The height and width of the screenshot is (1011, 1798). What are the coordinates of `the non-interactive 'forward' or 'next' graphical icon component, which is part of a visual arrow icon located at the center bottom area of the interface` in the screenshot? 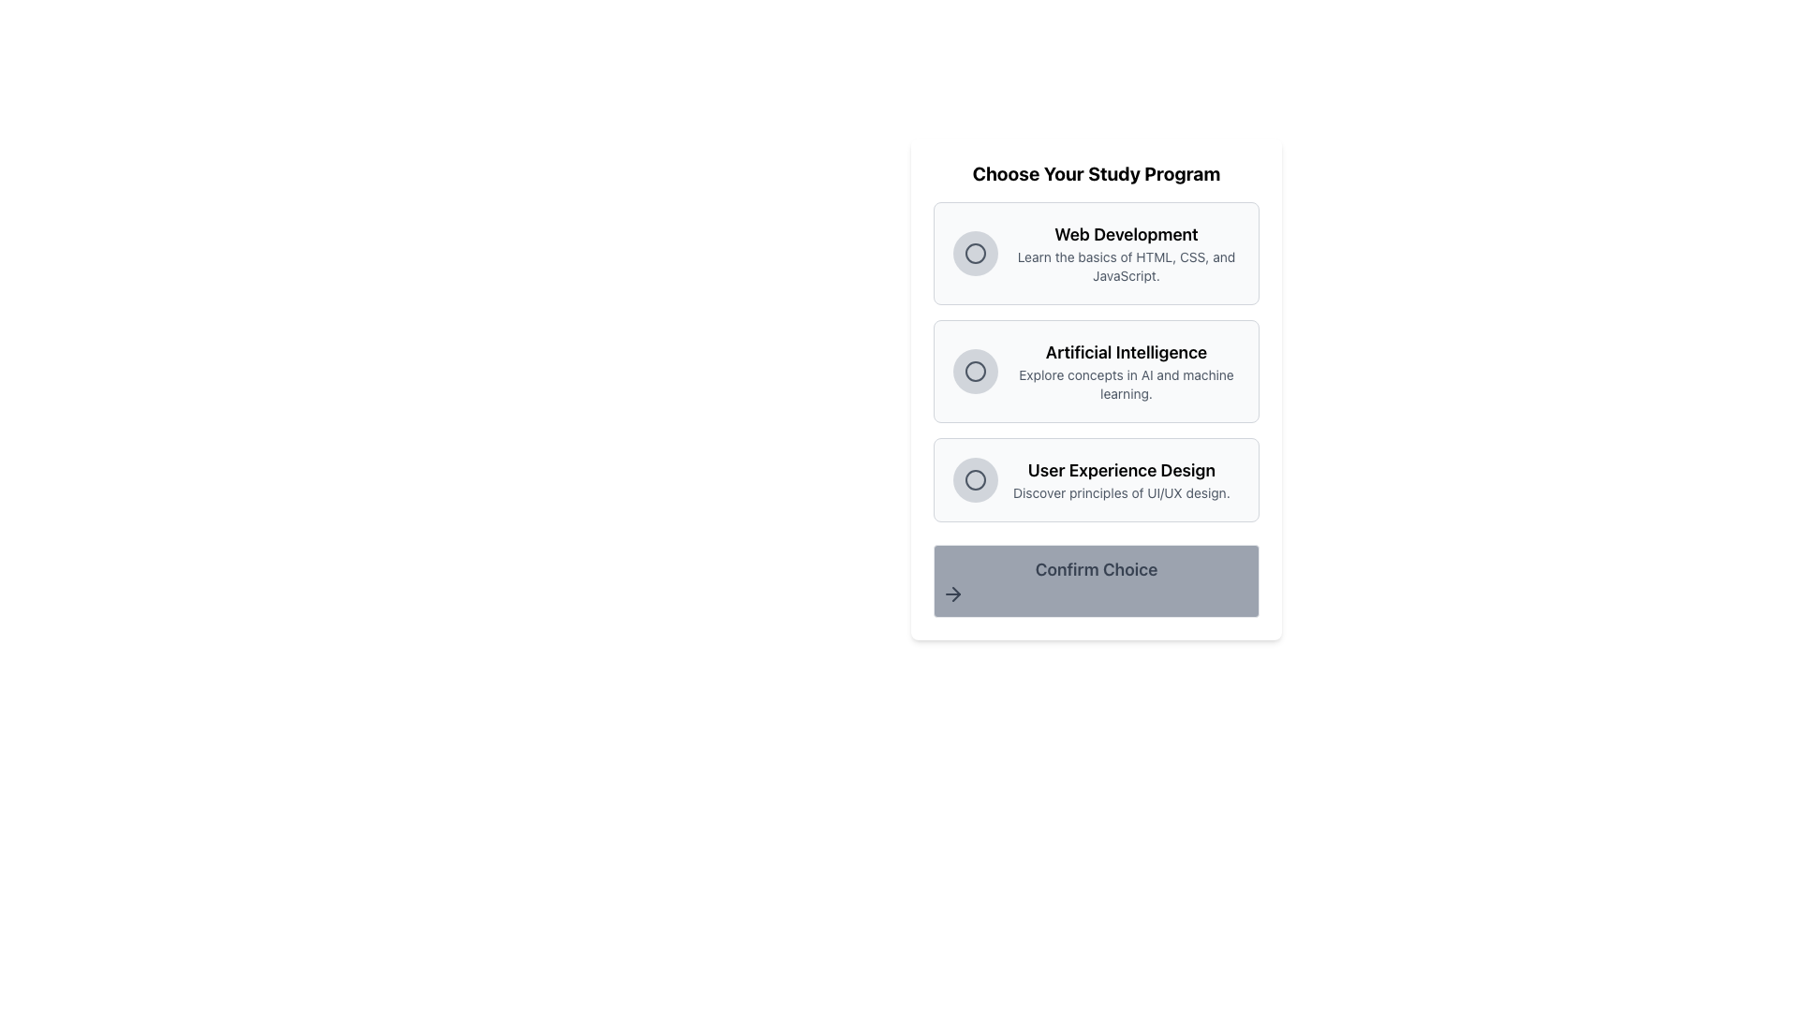 It's located at (956, 594).